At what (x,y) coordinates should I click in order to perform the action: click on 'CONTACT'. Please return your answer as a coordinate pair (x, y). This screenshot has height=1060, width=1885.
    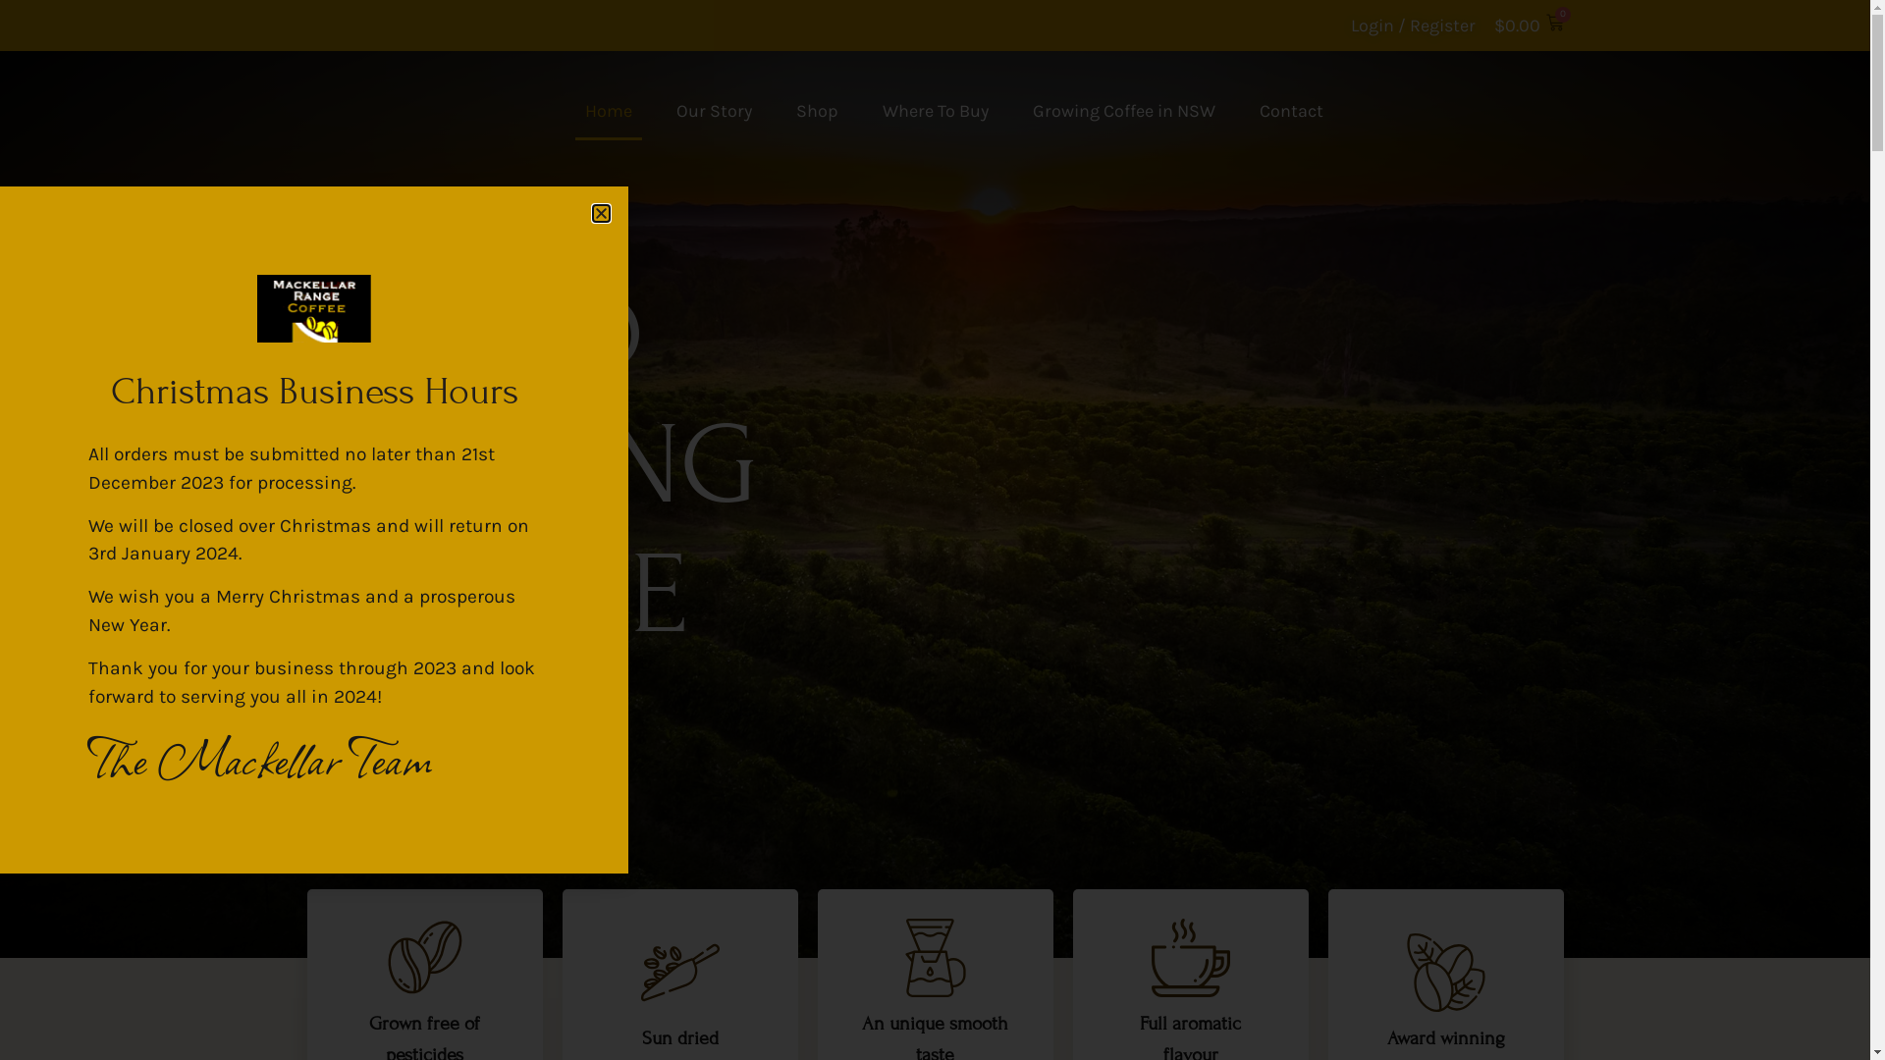
    Looking at the image, I should click on (1371, 111).